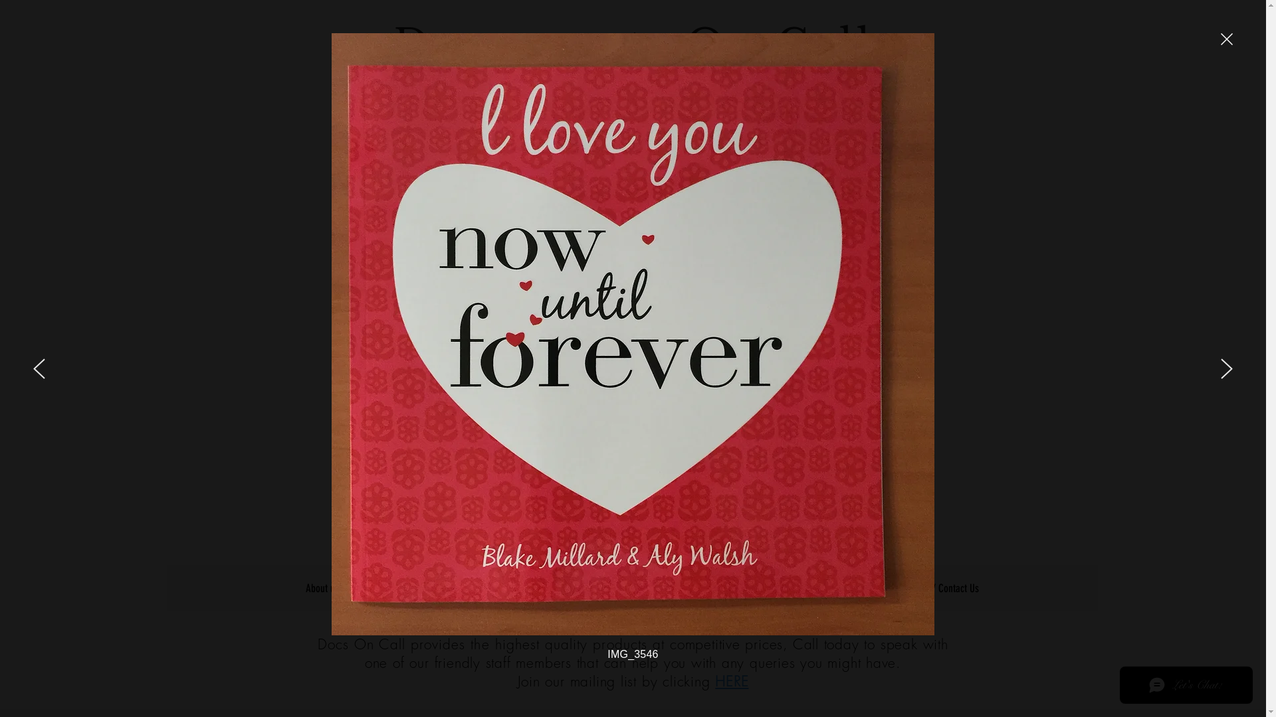 This screenshot has width=1276, height=717. What do you see at coordinates (447, 109) in the screenshot?
I see `'Request a quote'` at bounding box center [447, 109].